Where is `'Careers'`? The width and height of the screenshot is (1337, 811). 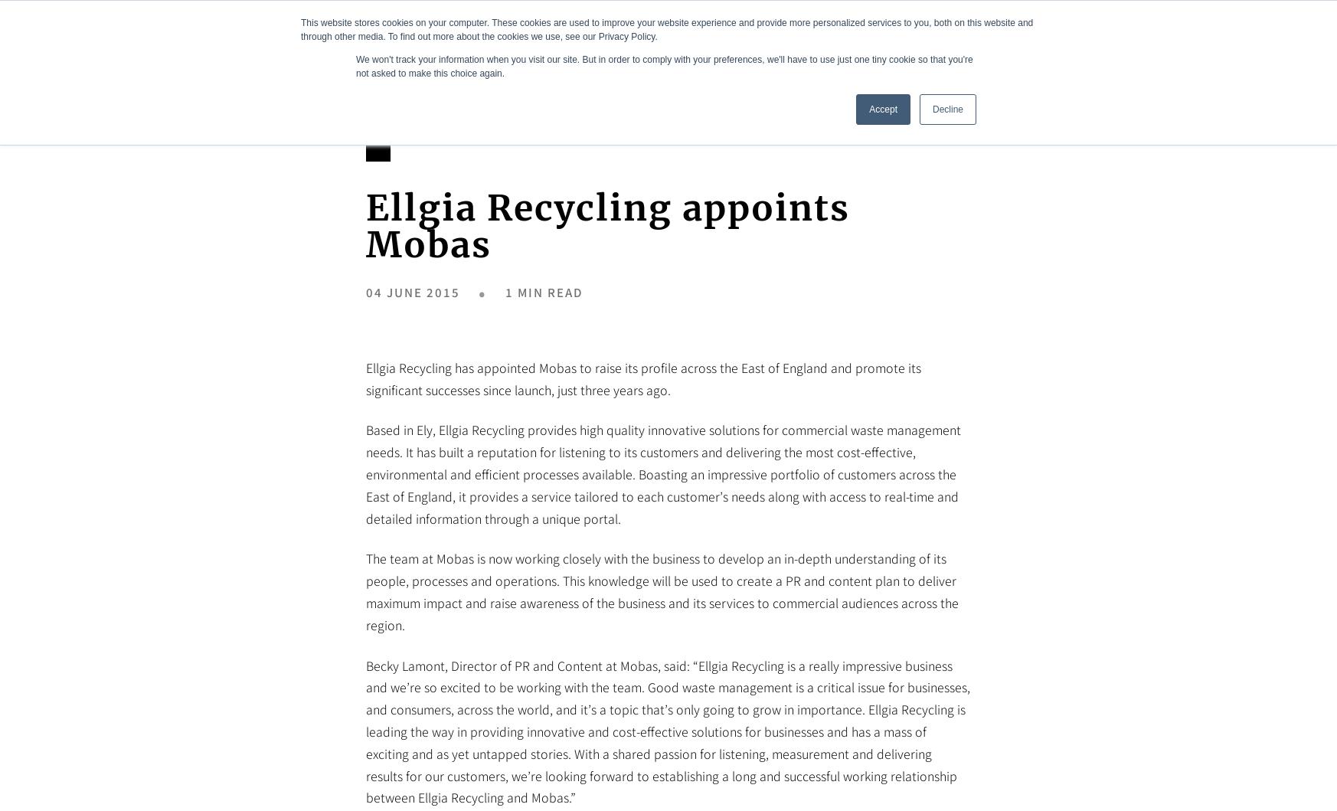
'Careers' is located at coordinates (1074, 43).